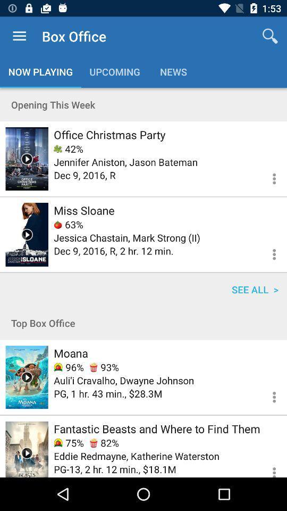 Image resolution: width=287 pixels, height=511 pixels. What do you see at coordinates (270, 36) in the screenshot?
I see `the icon to the right of box office` at bounding box center [270, 36].